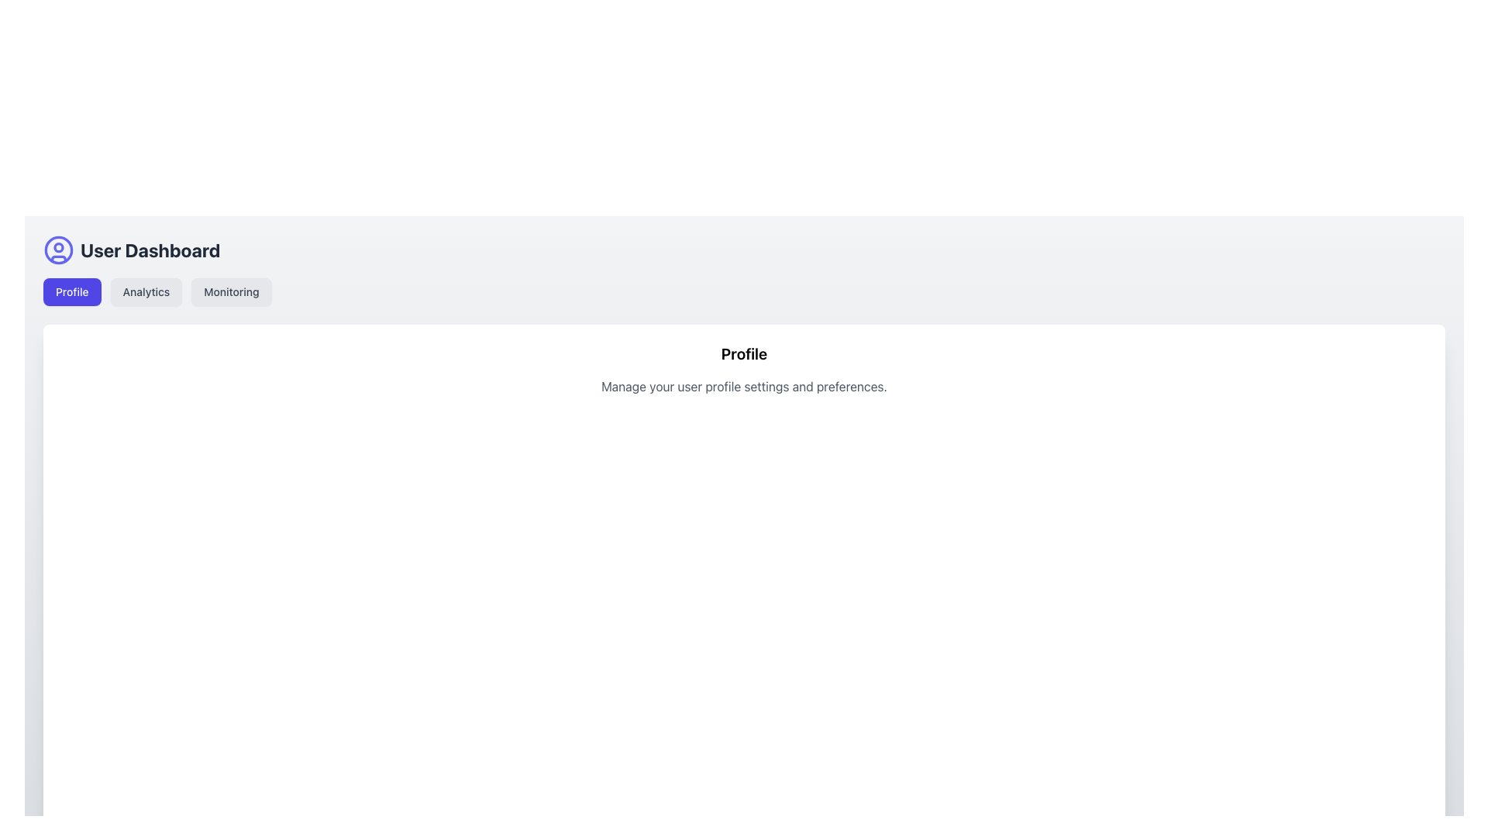 This screenshot has height=837, width=1488. Describe the element at coordinates (71, 292) in the screenshot. I see `the 'Profile' button, which is a prominent indigo button with white bold text, to activate hover effects` at that location.